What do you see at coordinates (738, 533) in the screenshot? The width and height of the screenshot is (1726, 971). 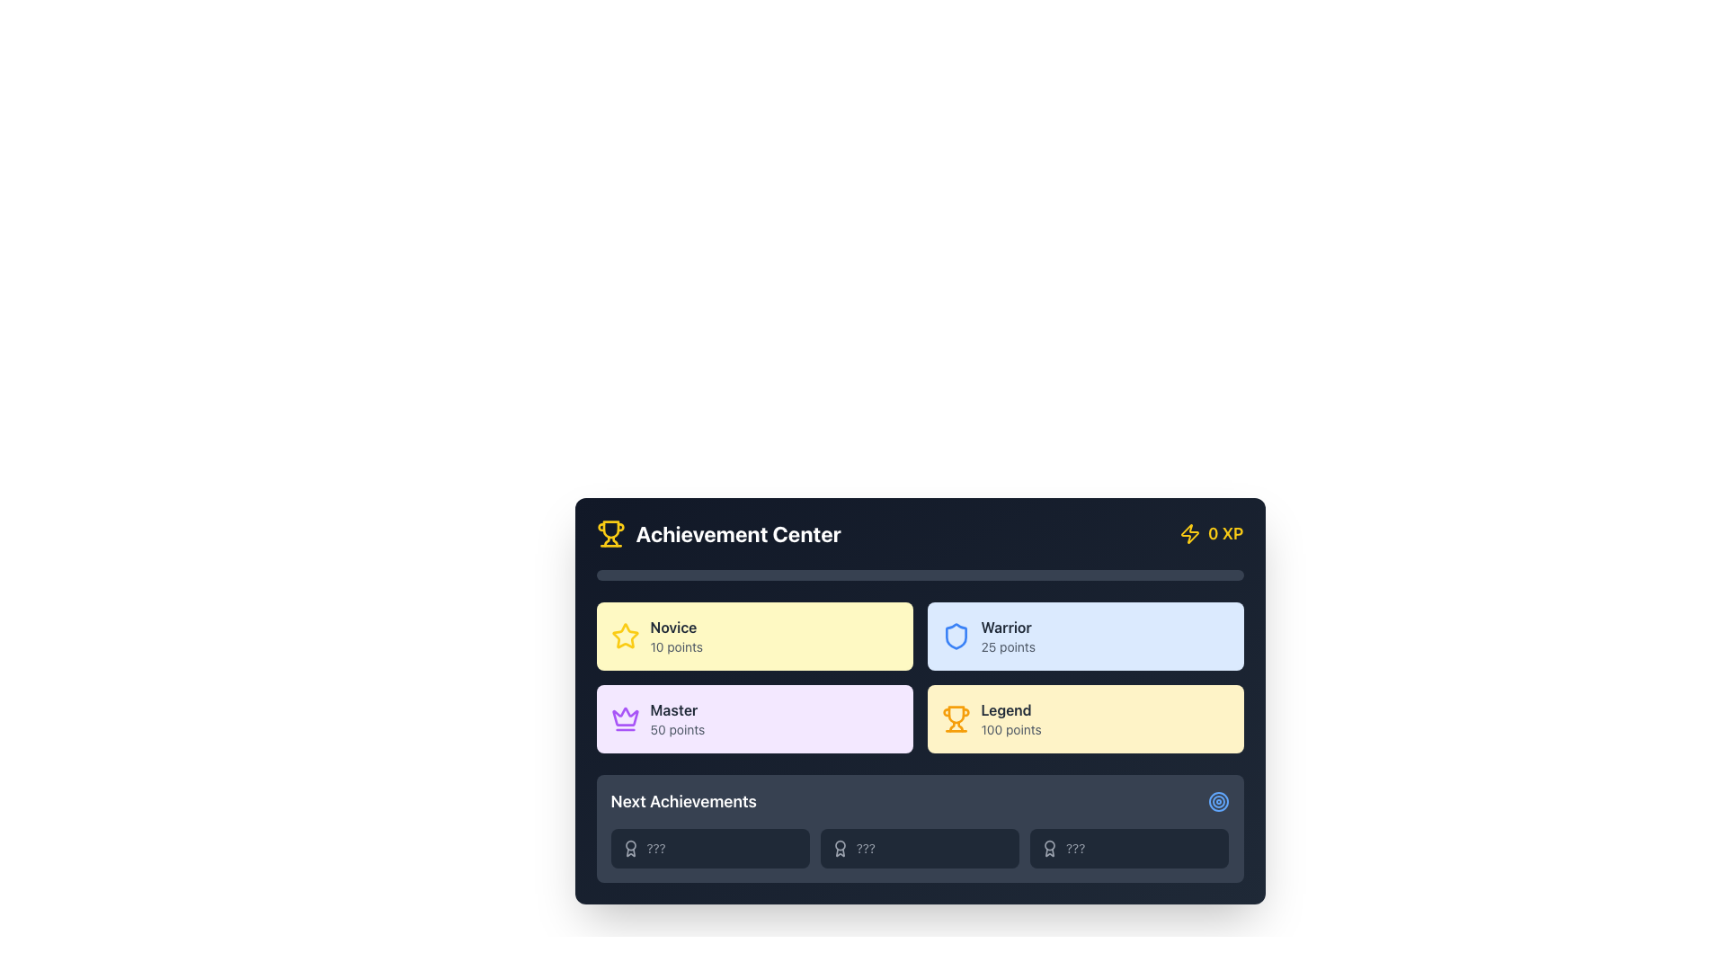 I see `the Text Label indicating the main purpose of the achievements panel, which is located adjacent to a yellow trophy icon in the top section of the panel` at bounding box center [738, 533].